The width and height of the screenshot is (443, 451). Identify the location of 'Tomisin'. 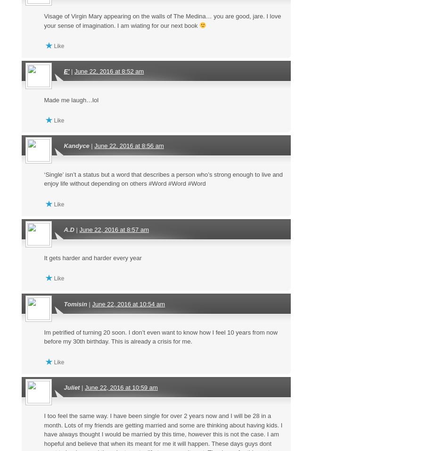
(75, 303).